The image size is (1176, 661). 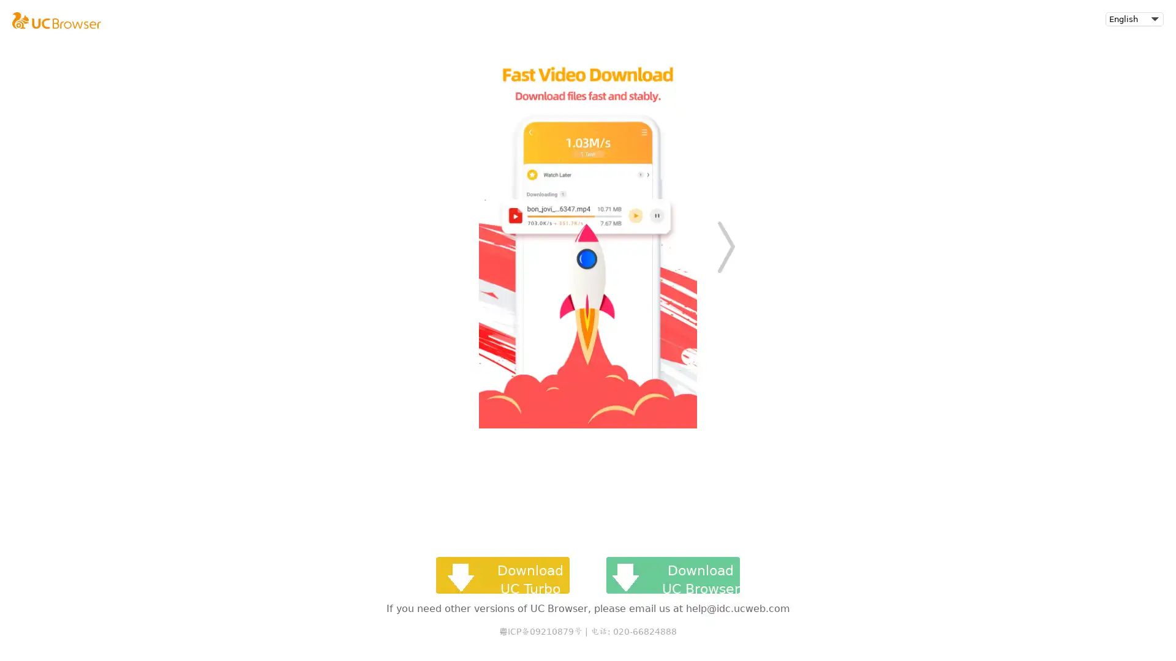 I want to click on Previous slide, so click(x=449, y=247).